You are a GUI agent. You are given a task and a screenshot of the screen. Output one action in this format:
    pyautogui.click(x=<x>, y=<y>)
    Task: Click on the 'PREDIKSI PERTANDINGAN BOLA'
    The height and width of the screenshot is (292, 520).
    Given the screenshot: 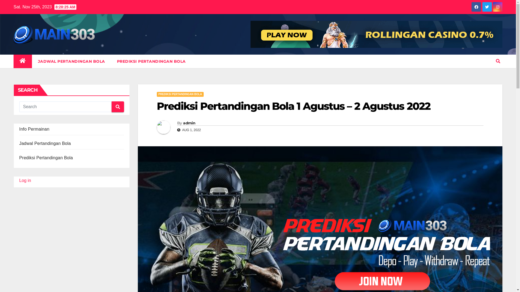 What is the action you would take?
    pyautogui.click(x=151, y=61)
    